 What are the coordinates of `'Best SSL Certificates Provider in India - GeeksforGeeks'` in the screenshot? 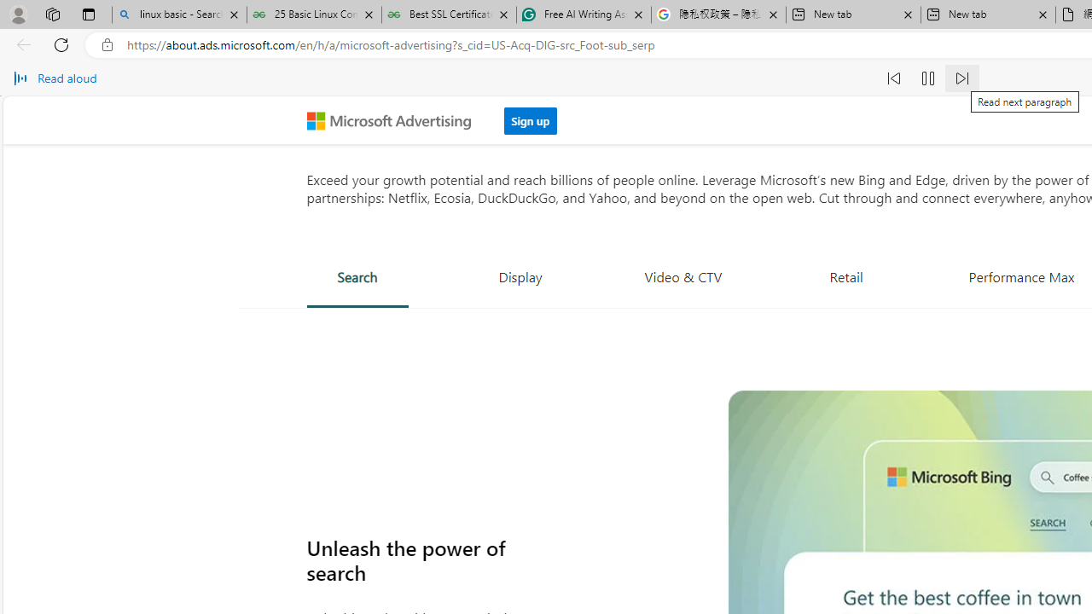 It's located at (449, 14).